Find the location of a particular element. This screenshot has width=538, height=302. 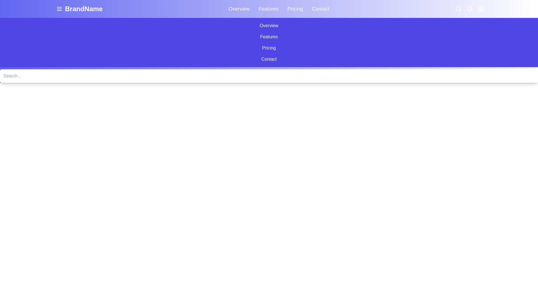

the 'Overview' button, which is the first button in a vertically stacked list of buttons with a purple background and white text is located at coordinates (269, 26).